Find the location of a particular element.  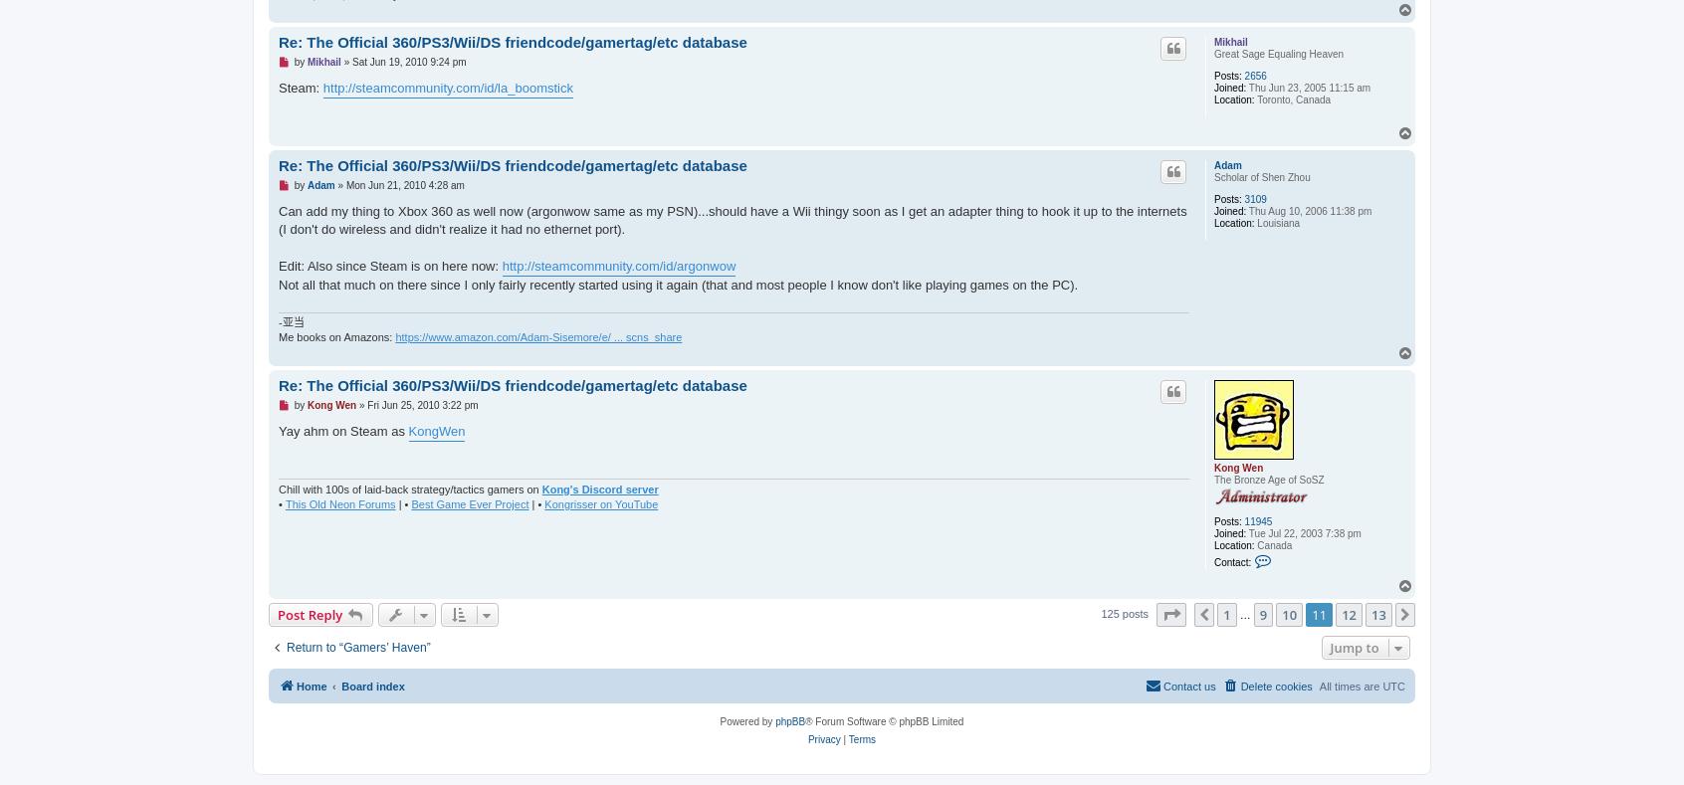

'Post Reply' is located at coordinates (309, 613).